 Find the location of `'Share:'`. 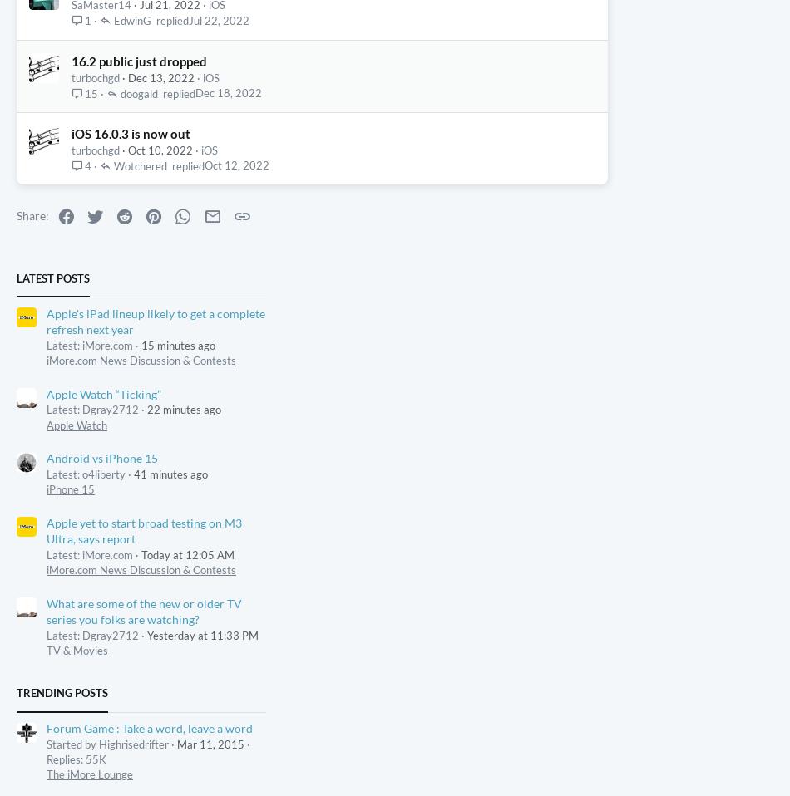

'Share:' is located at coordinates (32, 328).